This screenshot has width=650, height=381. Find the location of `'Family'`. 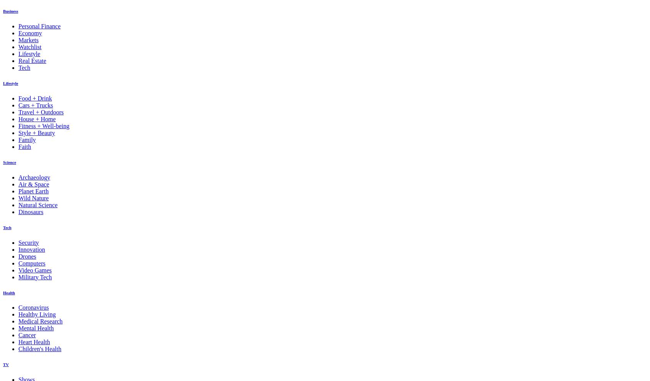

'Family' is located at coordinates (18, 139).